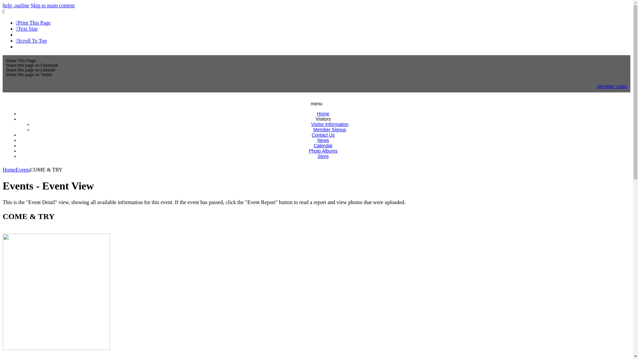  What do you see at coordinates (308, 151) in the screenshot?
I see `'Photo Albums'` at bounding box center [308, 151].